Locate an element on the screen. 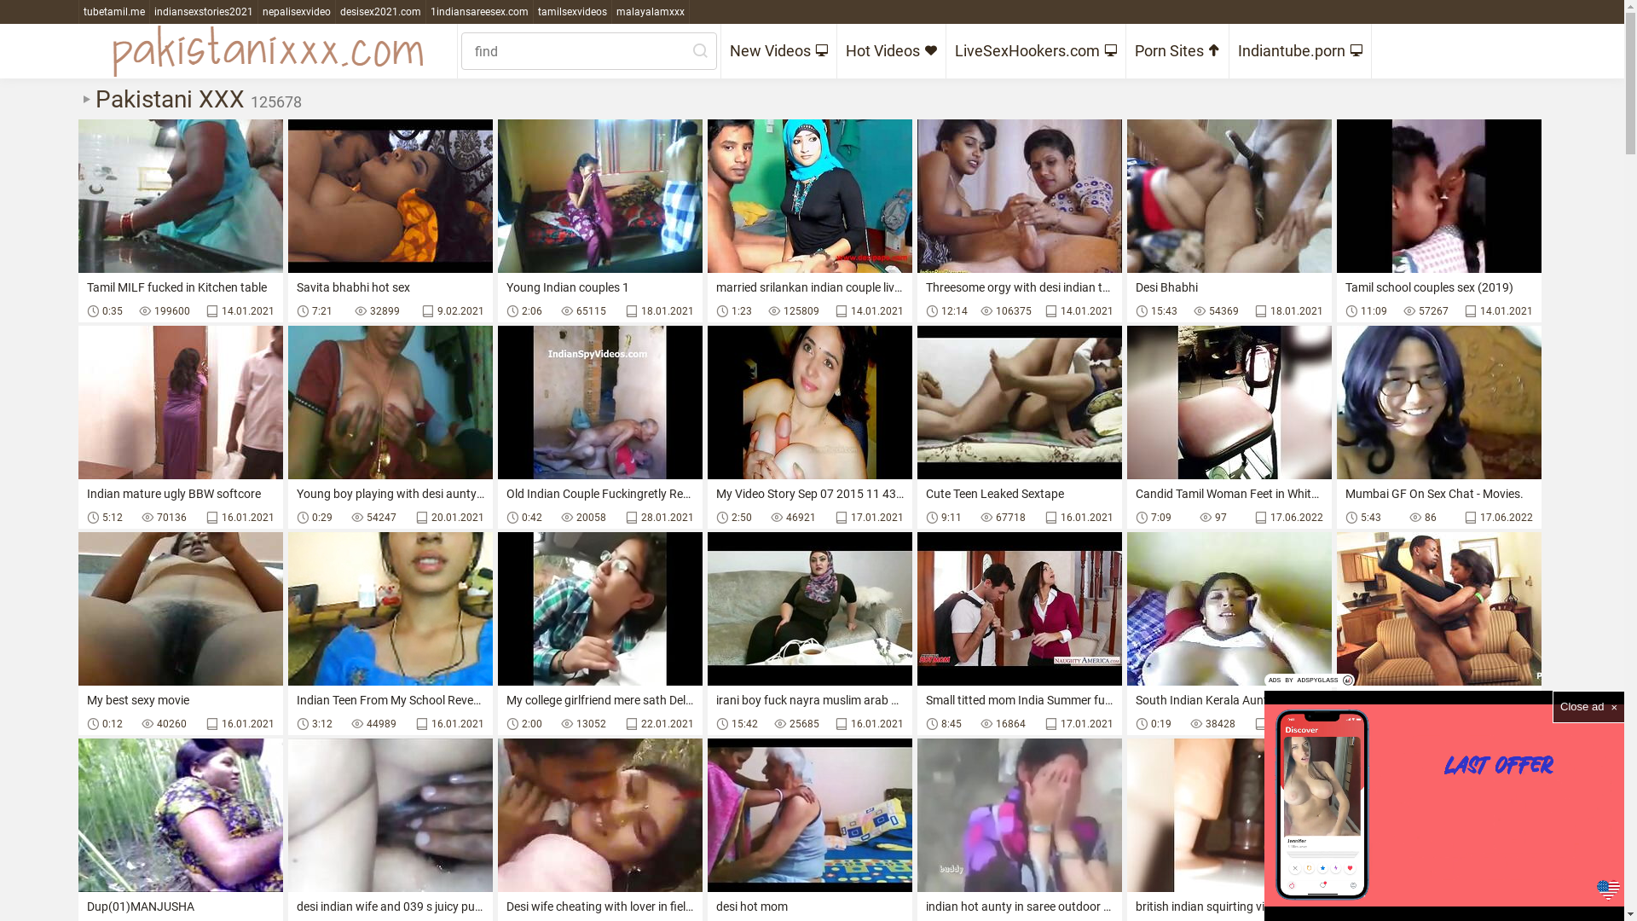  'LiveSexHookers.com' is located at coordinates (945, 50).